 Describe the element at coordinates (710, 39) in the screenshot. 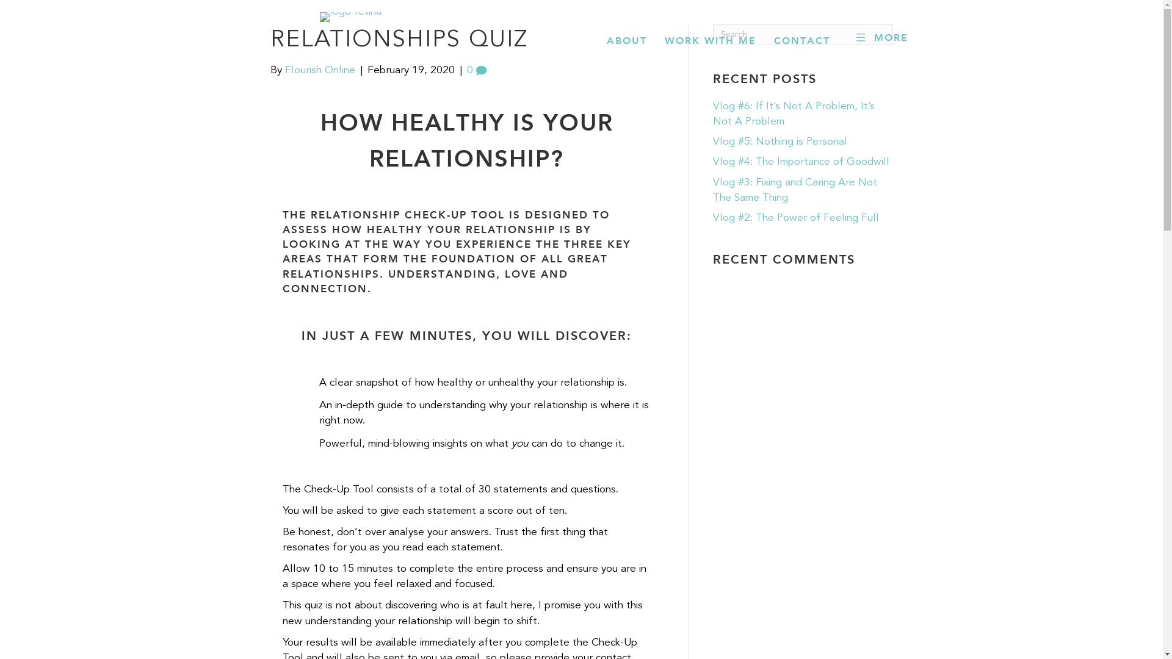

I see `'WORK WITH ME'` at that location.